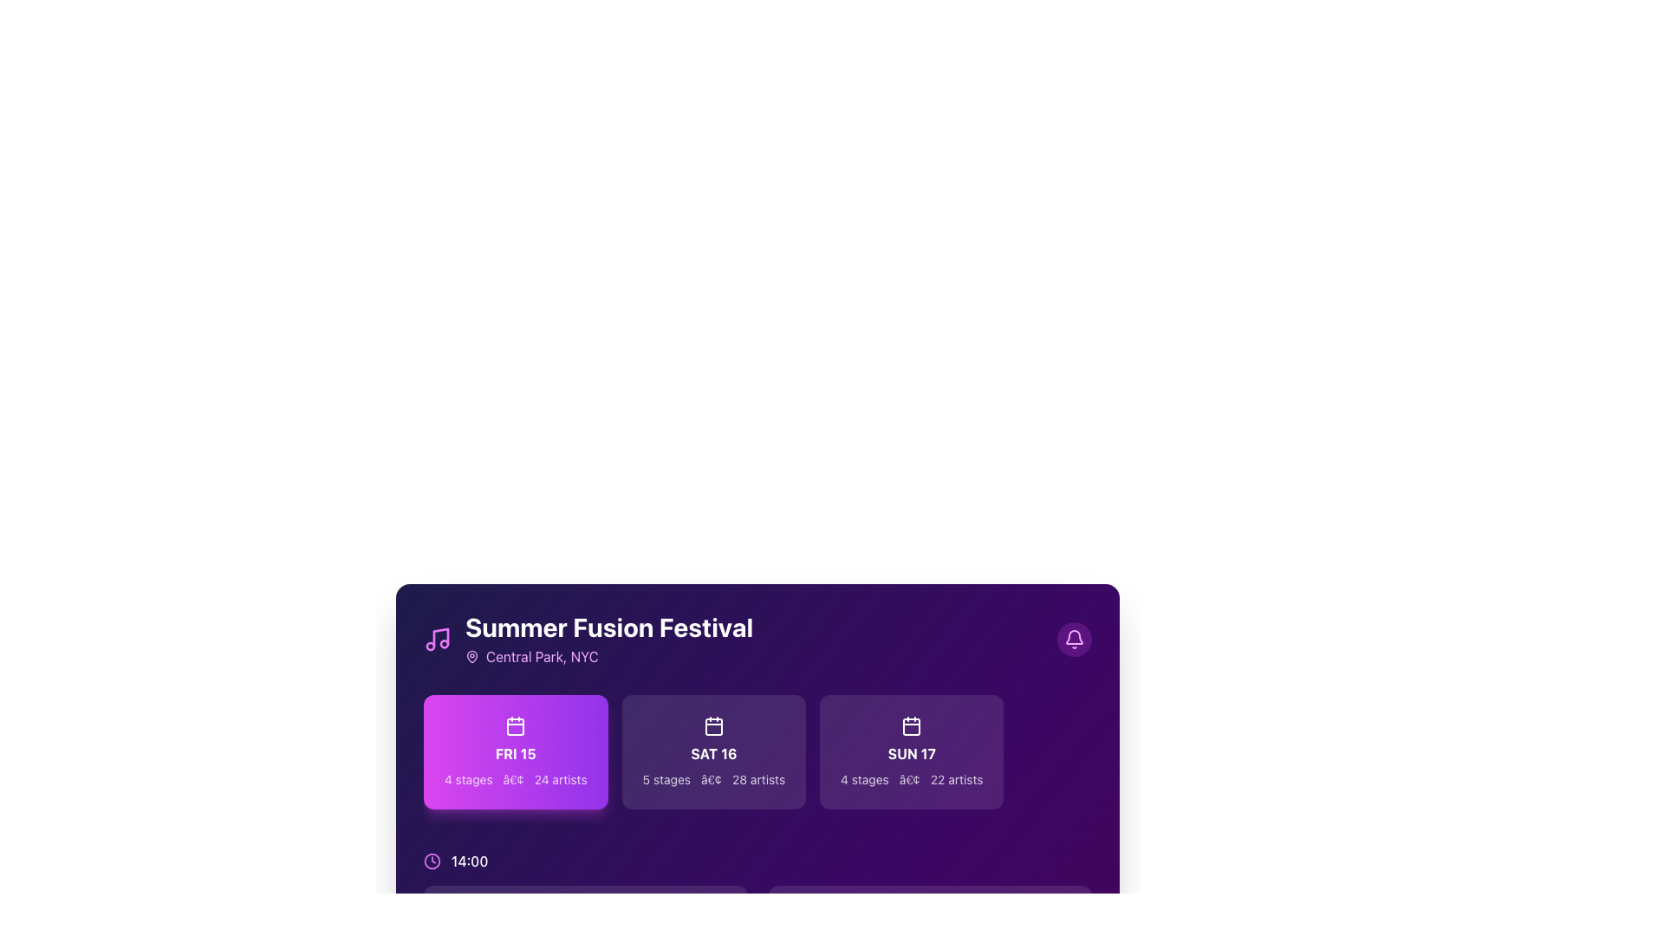 Image resolution: width=1664 pixels, height=936 pixels. What do you see at coordinates (515, 725) in the screenshot?
I see `the calendar icon located within the gradient purple background box labeled 'FRI 15', which is the first of three horizontally displayed buttons in the lower section of the interface` at bounding box center [515, 725].